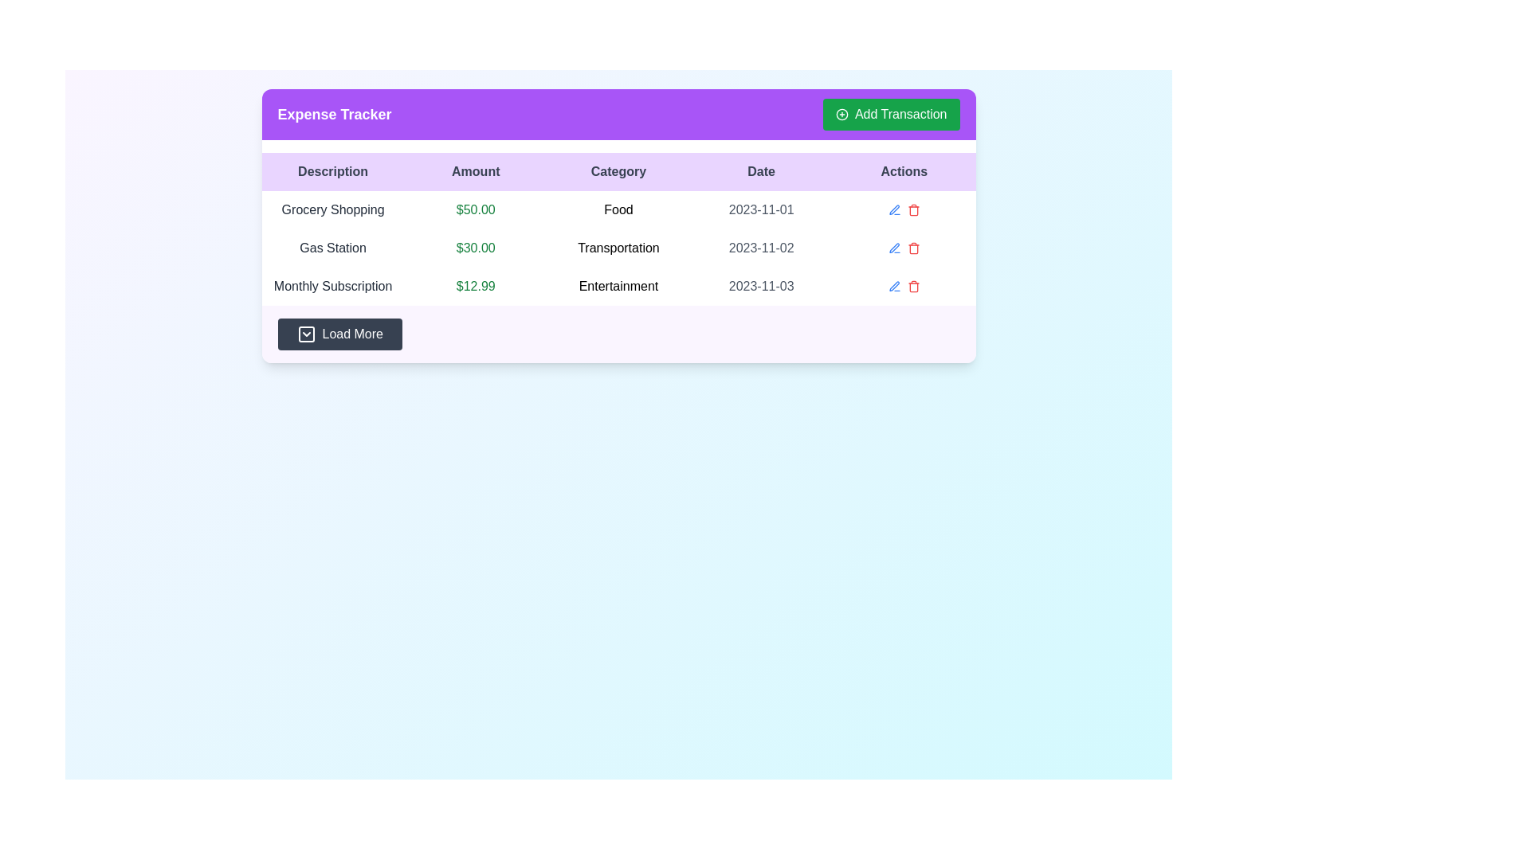 This screenshot has width=1530, height=860. Describe the element at coordinates (904, 172) in the screenshot. I see `the 'Actions' header label, which is the last item in a row of column headers for a table` at that location.